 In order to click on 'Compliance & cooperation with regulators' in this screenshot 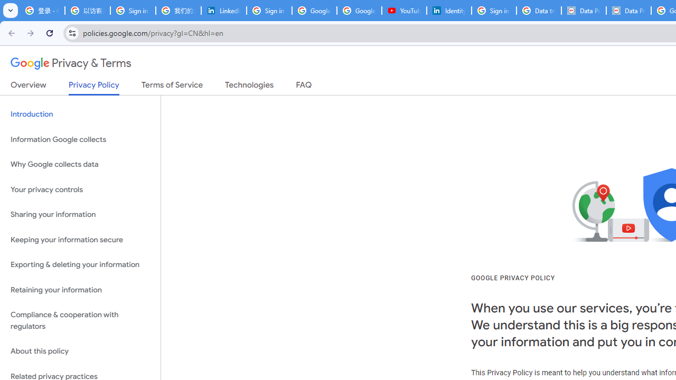, I will do `click(80, 320)`.